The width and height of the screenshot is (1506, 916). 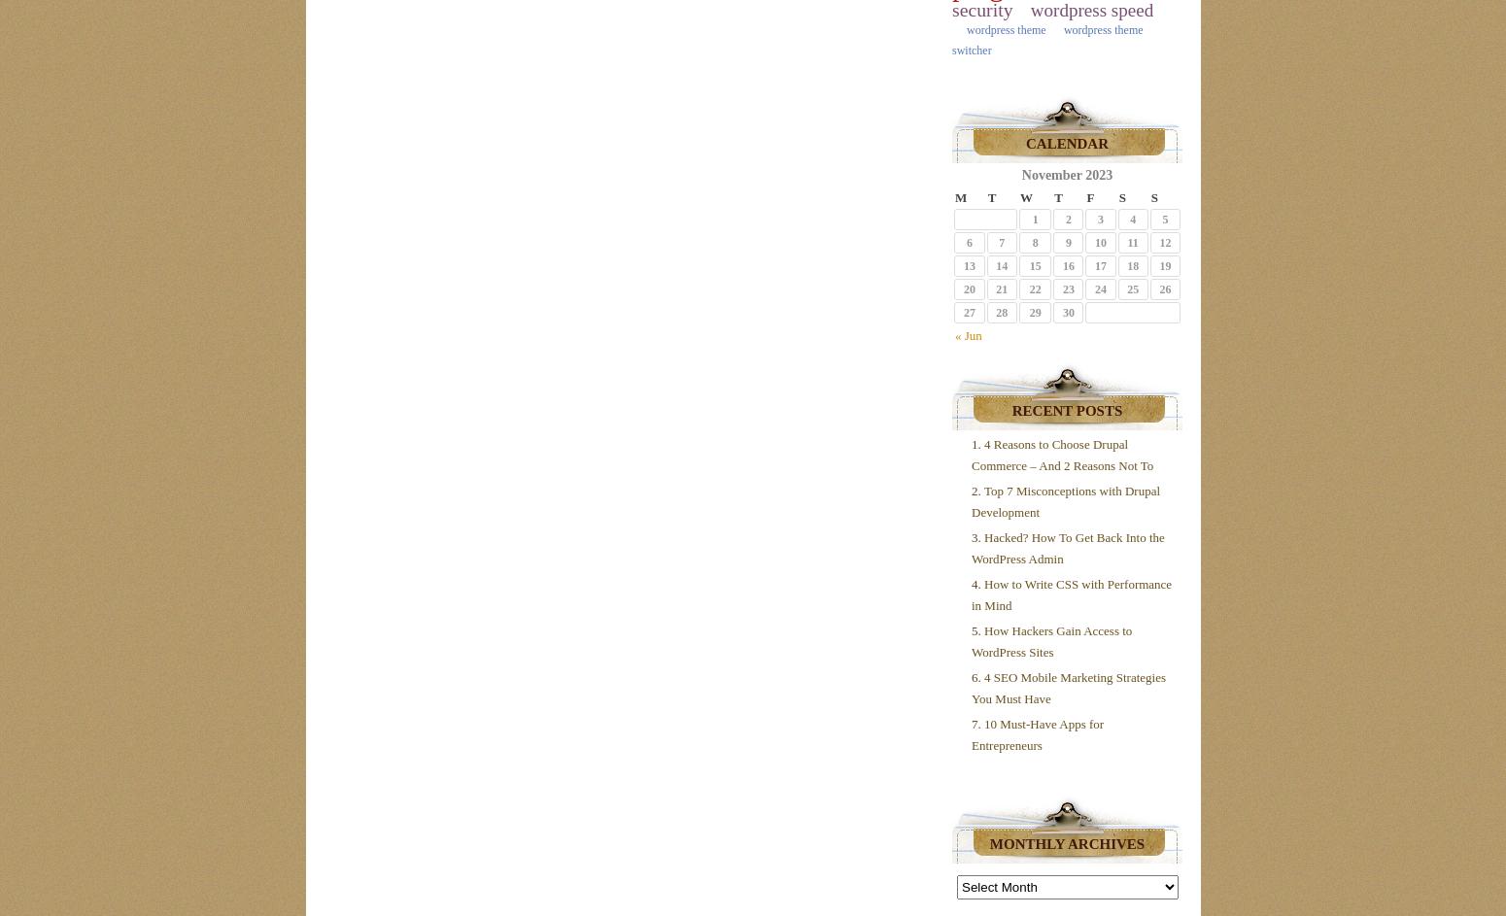 What do you see at coordinates (960, 196) in the screenshot?
I see `'M'` at bounding box center [960, 196].